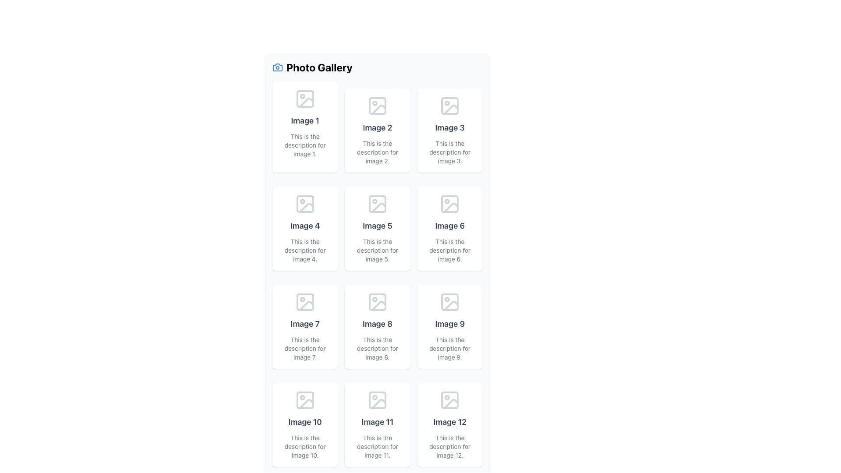 The width and height of the screenshot is (841, 473). I want to click on the gray rounded rectangle graphical icon component located in the upper part of the image icon in the Photo Gallery interface, so click(450, 106).